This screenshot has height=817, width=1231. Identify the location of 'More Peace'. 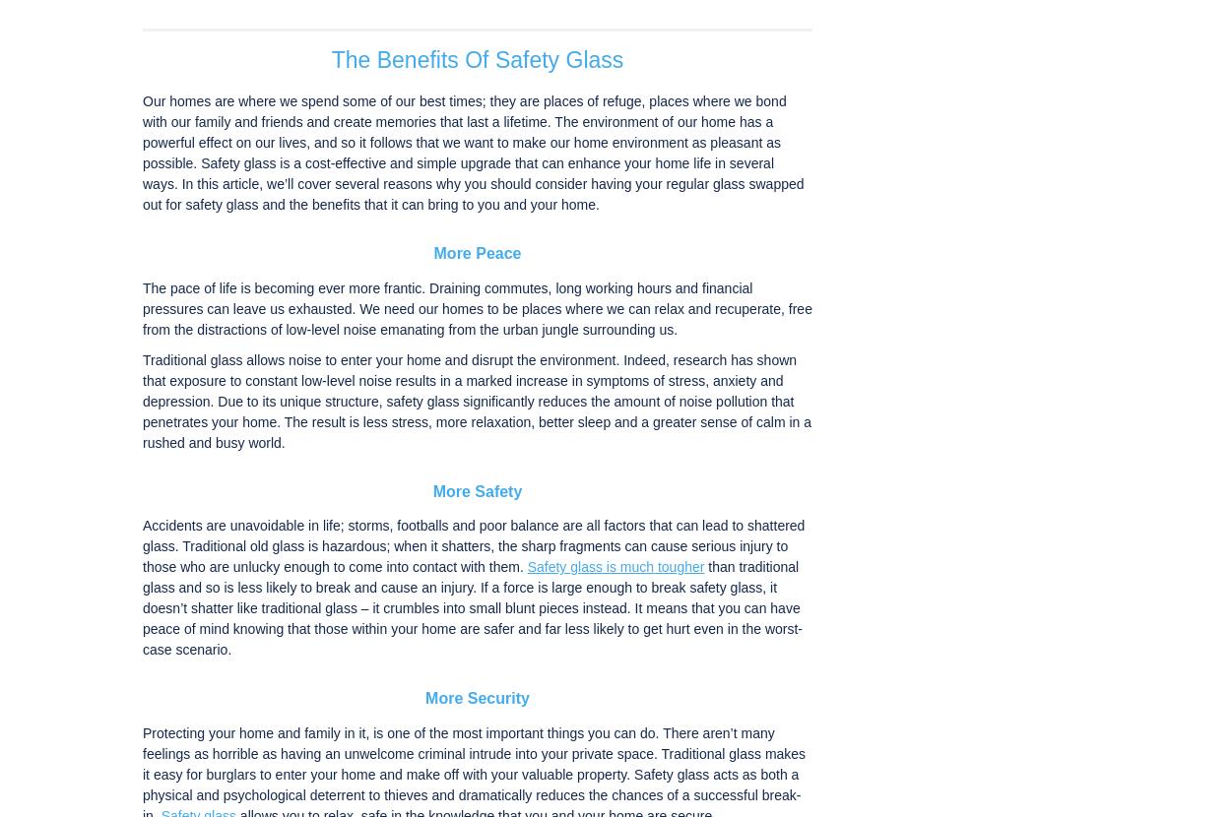
(432, 253).